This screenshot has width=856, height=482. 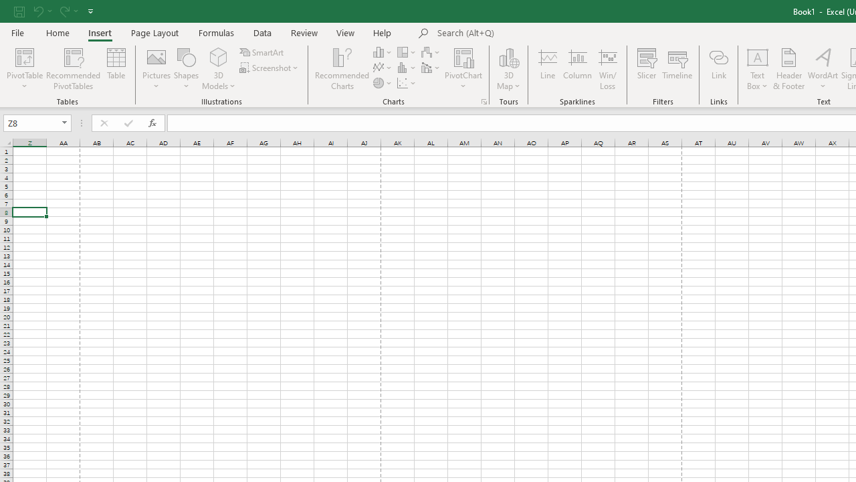 I want to click on 'PivotChart', so click(x=463, y=69).